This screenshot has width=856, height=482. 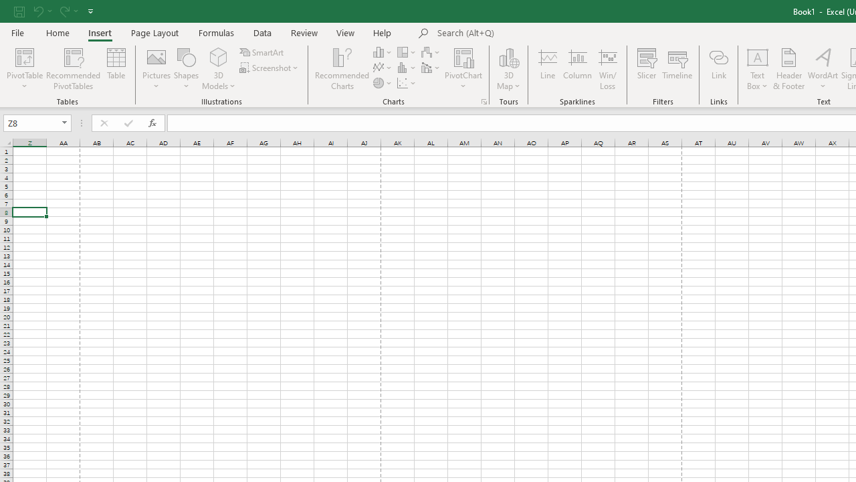 I want to click on 'PivotChart', so click(x=463, y=69).